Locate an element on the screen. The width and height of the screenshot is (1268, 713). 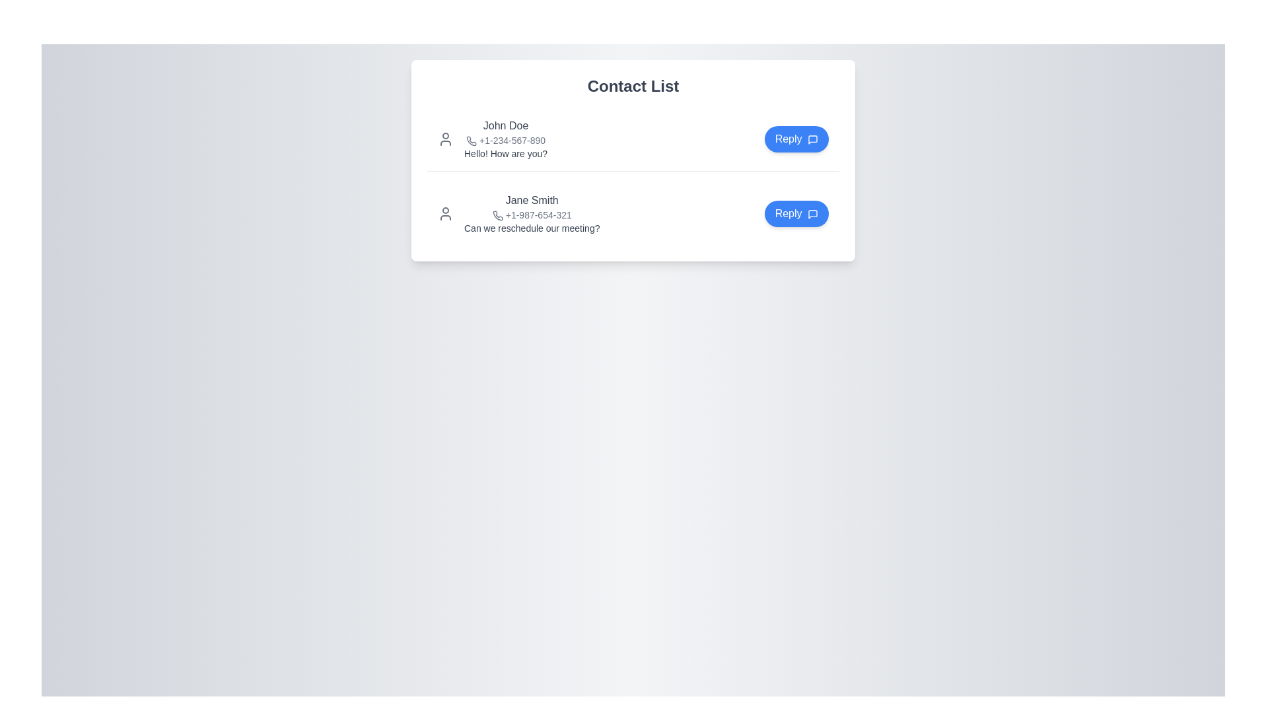
displayed information in the mixed-content display block containing contact details and a recent message for user 'John Doe', located in the first row of the contact list interface is located at coordinates (505, 139).